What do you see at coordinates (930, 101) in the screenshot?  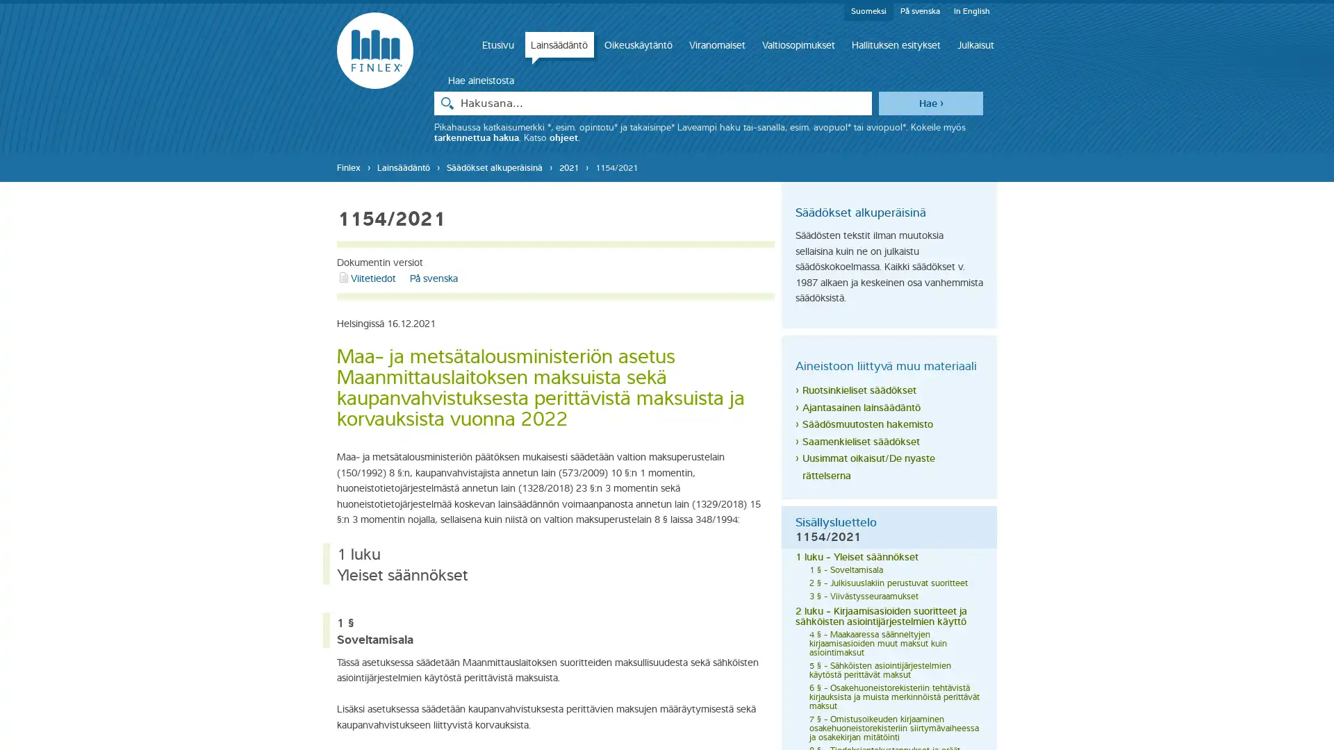 I see `Hae` at bounding box center [930, 101].